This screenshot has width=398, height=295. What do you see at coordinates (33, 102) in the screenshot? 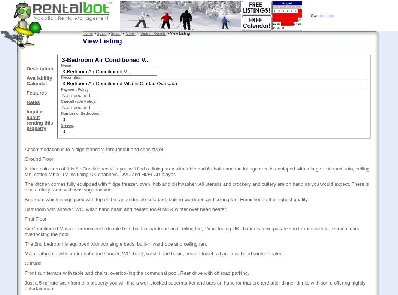
I see `'Rates'` at bounding box center [33, 102].